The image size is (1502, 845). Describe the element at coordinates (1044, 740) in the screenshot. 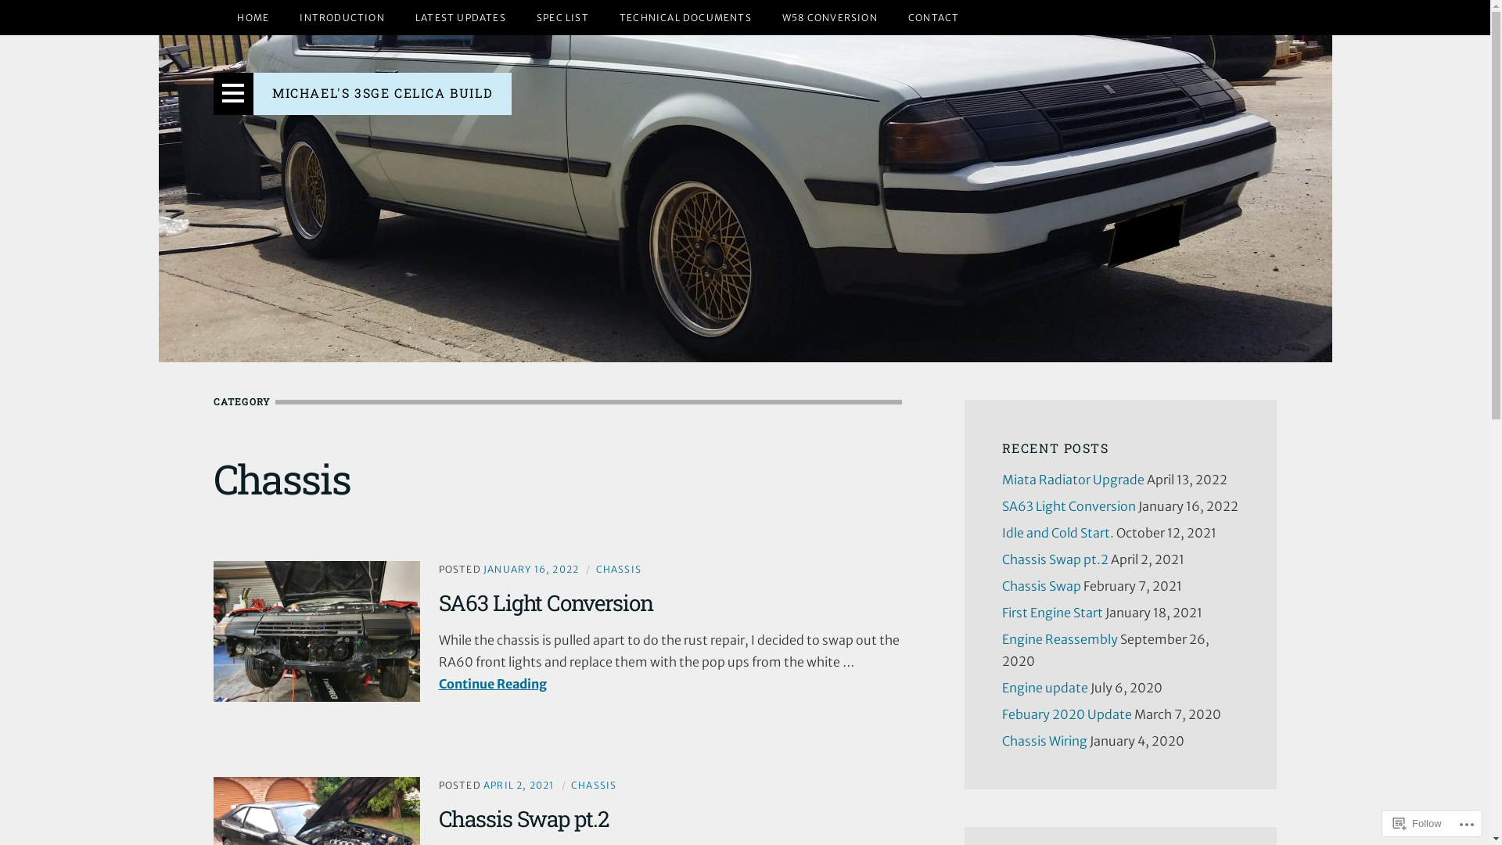

I see `'Chassis Wiring'` at that location.